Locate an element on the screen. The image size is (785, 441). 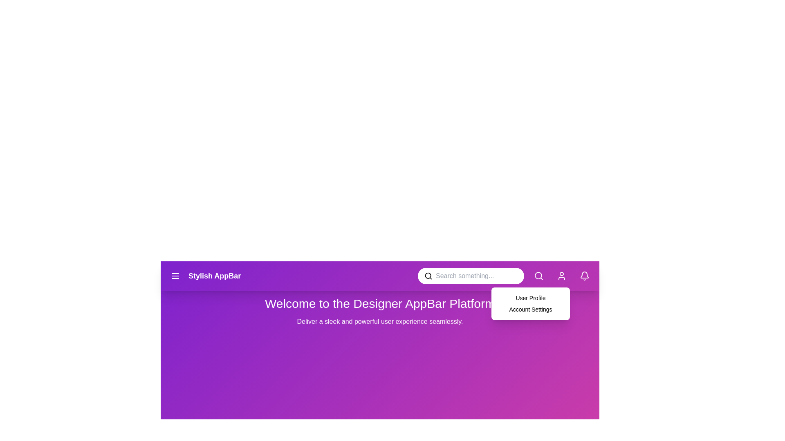
the bell icon to activate the notification button is located at coordinates (584, 276).